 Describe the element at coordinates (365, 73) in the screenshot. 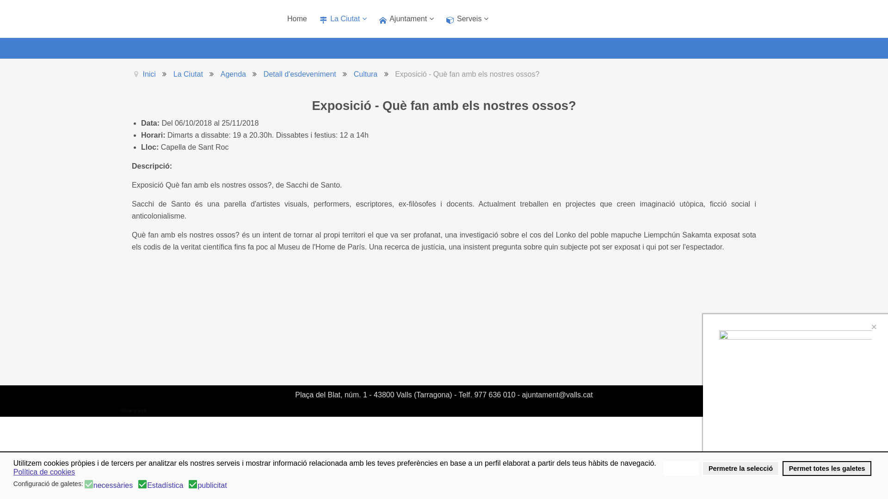

I see `'Cultura'` at that location.